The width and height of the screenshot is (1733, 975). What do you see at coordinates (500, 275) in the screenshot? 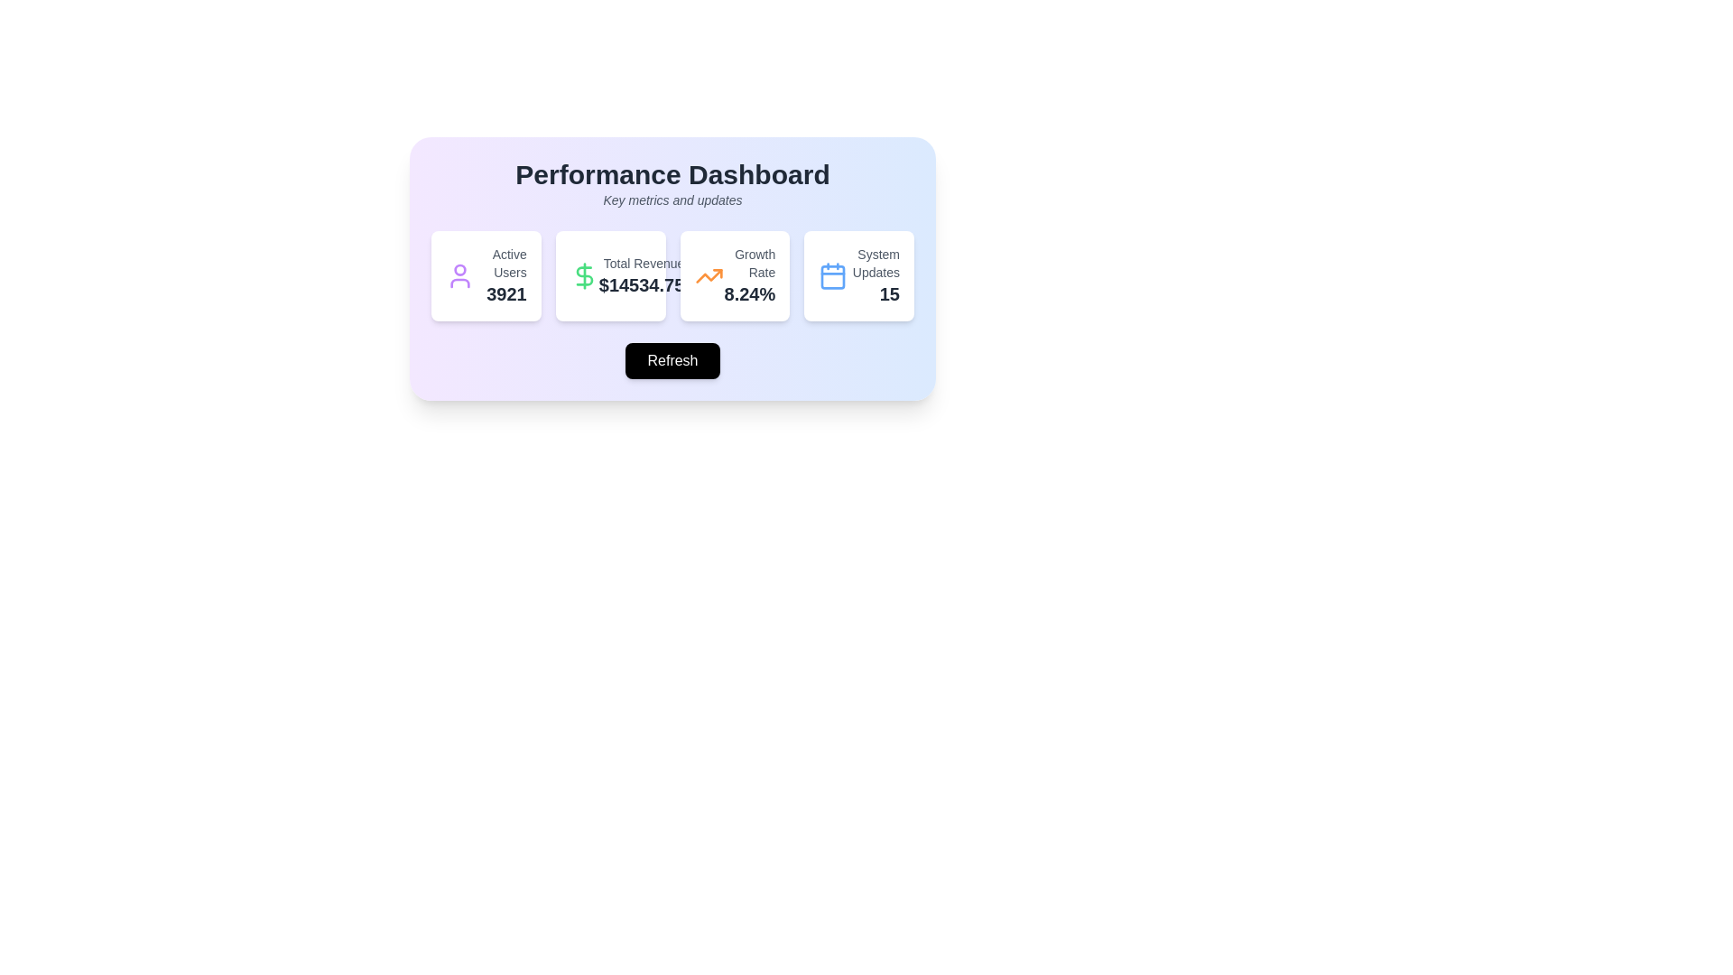
I see `displayed text showing 'Active Users' and its value '3921' from the text display component located in the top-left card of the Performance Dashboard` at bounding box center [500, 275].